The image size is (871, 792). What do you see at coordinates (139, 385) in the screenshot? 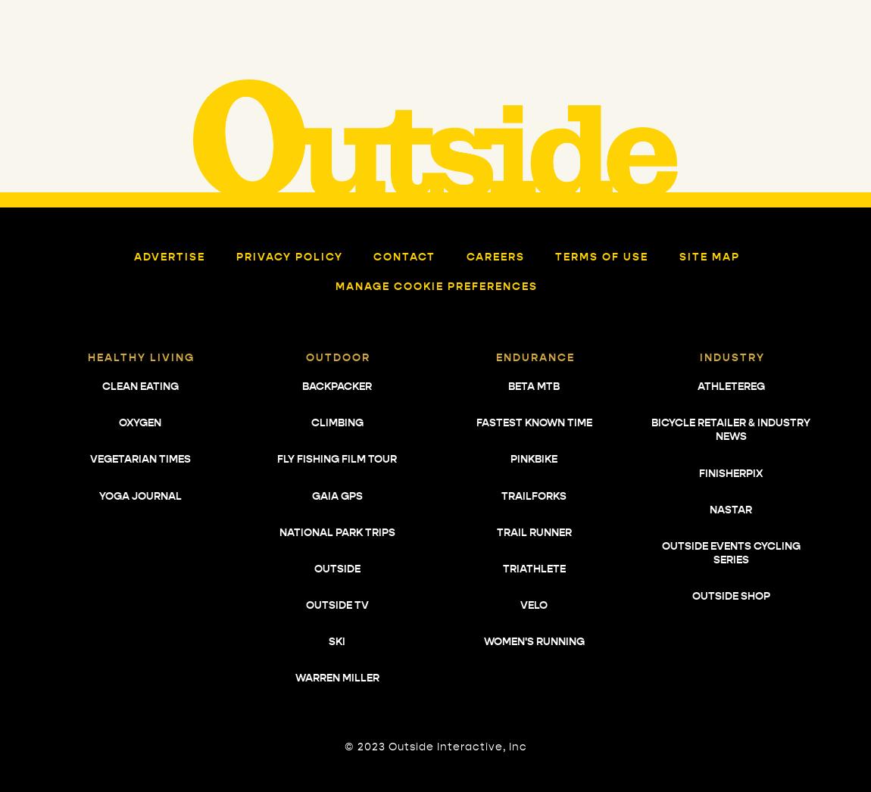
I see `'Clean Eating'` at bounding box center [139, 385].